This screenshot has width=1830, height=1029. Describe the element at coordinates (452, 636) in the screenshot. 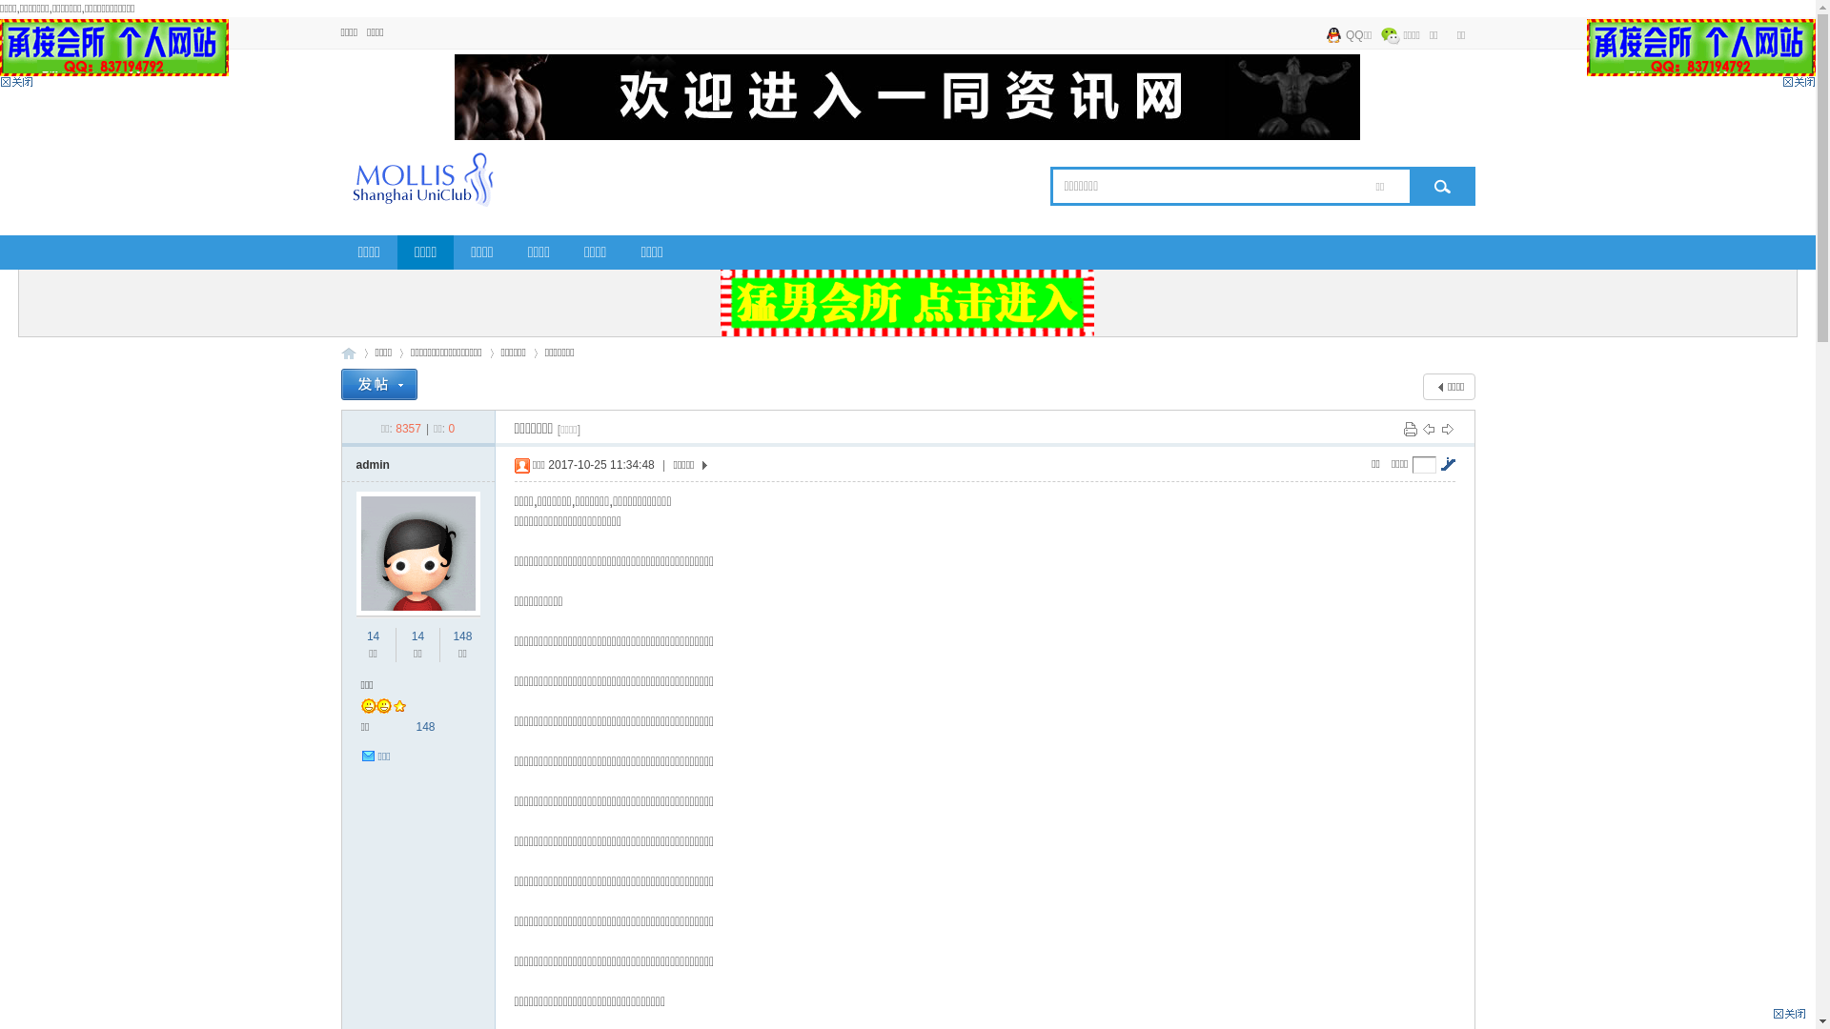

I see `'148'` at that location.